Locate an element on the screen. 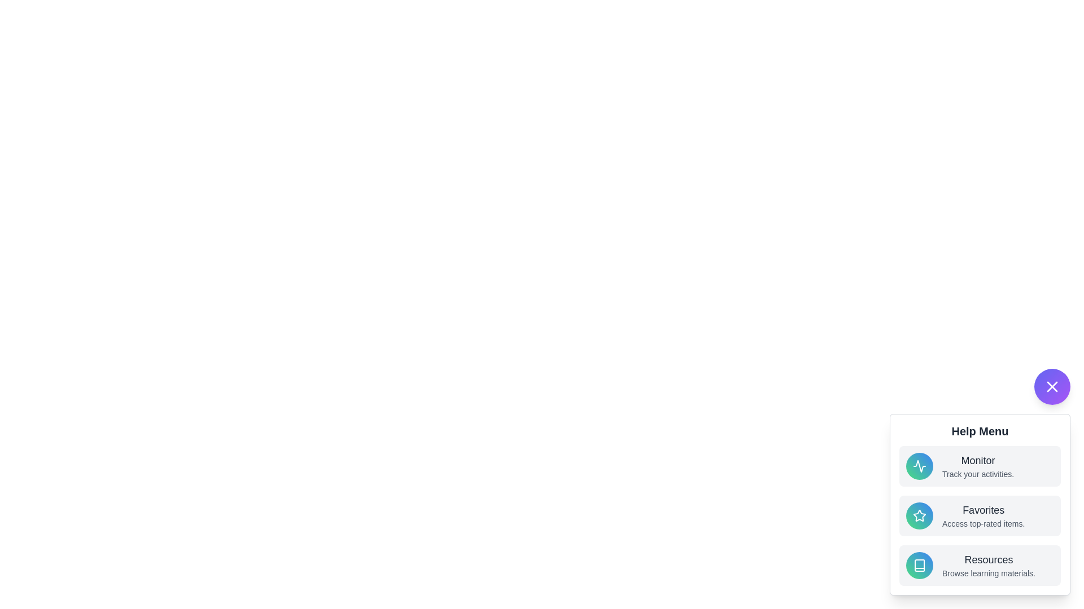 The height and width of the screenshot is (609, 1084). the help option Resources by clicking on it is located at coordinates (980, 565).